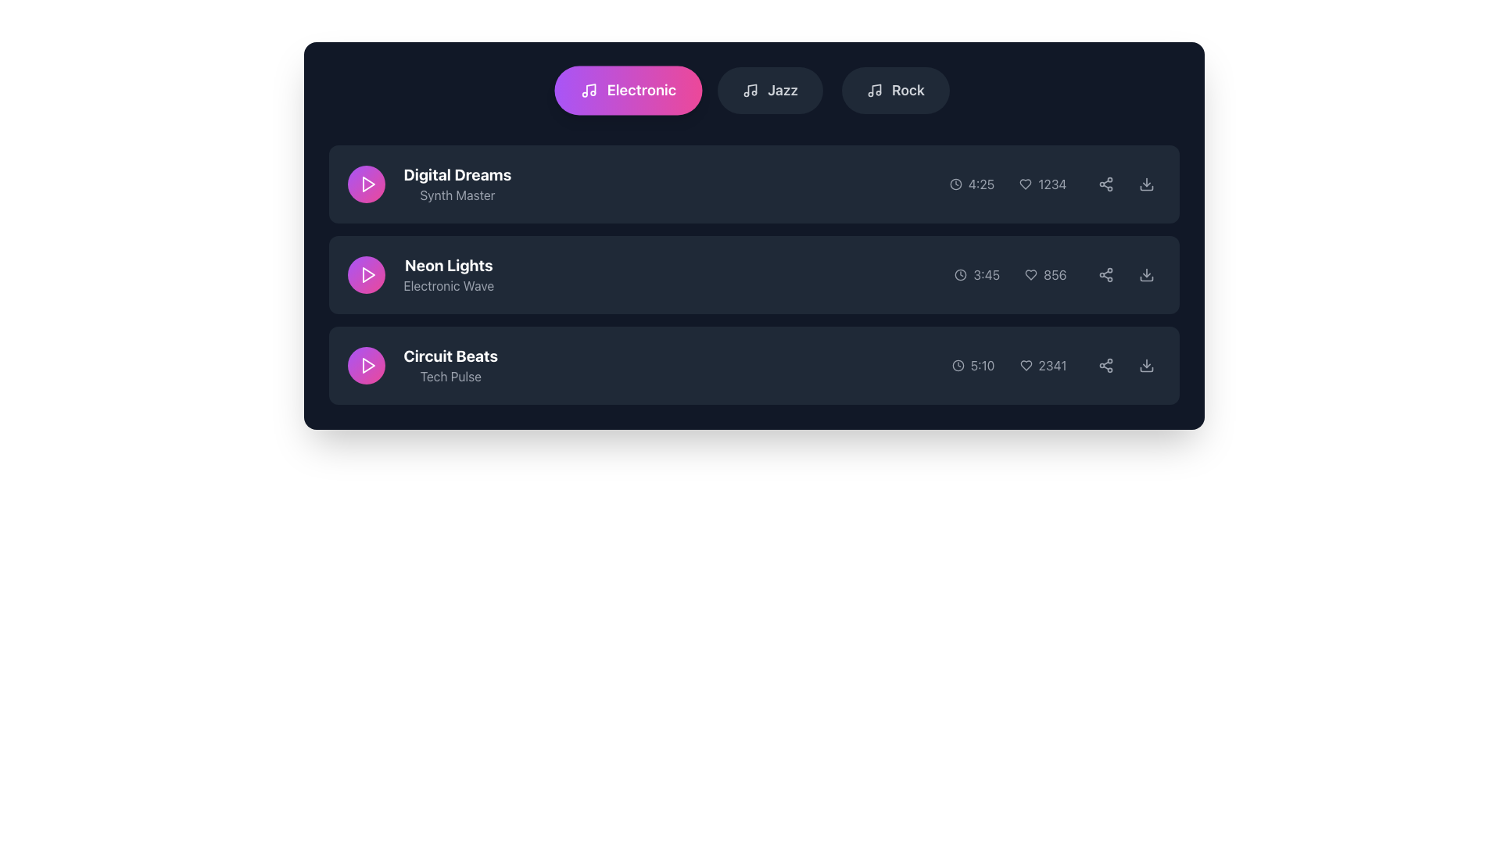  I want to click on the Text Label that serves as a title or label for a music track or category, positioned between 'Digital Dreams' above and 'Circuit Beats' below, to interact with it if it becomes interactive, so click(448, 264).